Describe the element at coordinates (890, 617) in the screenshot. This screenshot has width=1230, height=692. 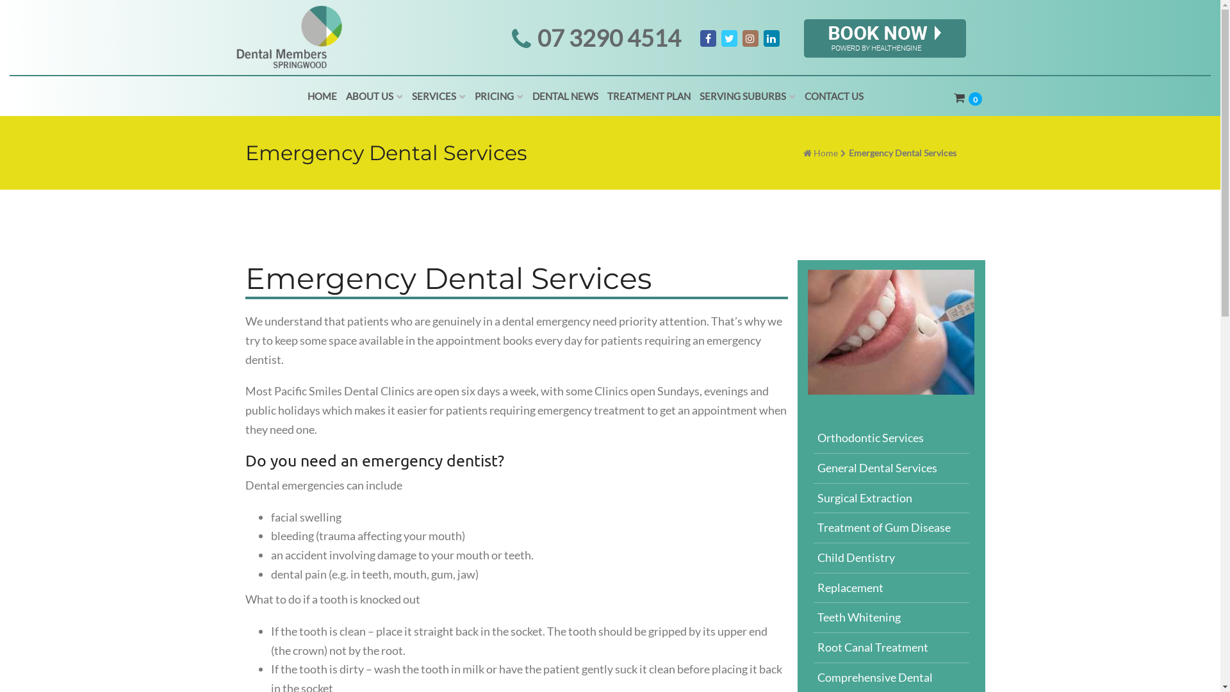
I see `'Teeth Whitening'` at that location.